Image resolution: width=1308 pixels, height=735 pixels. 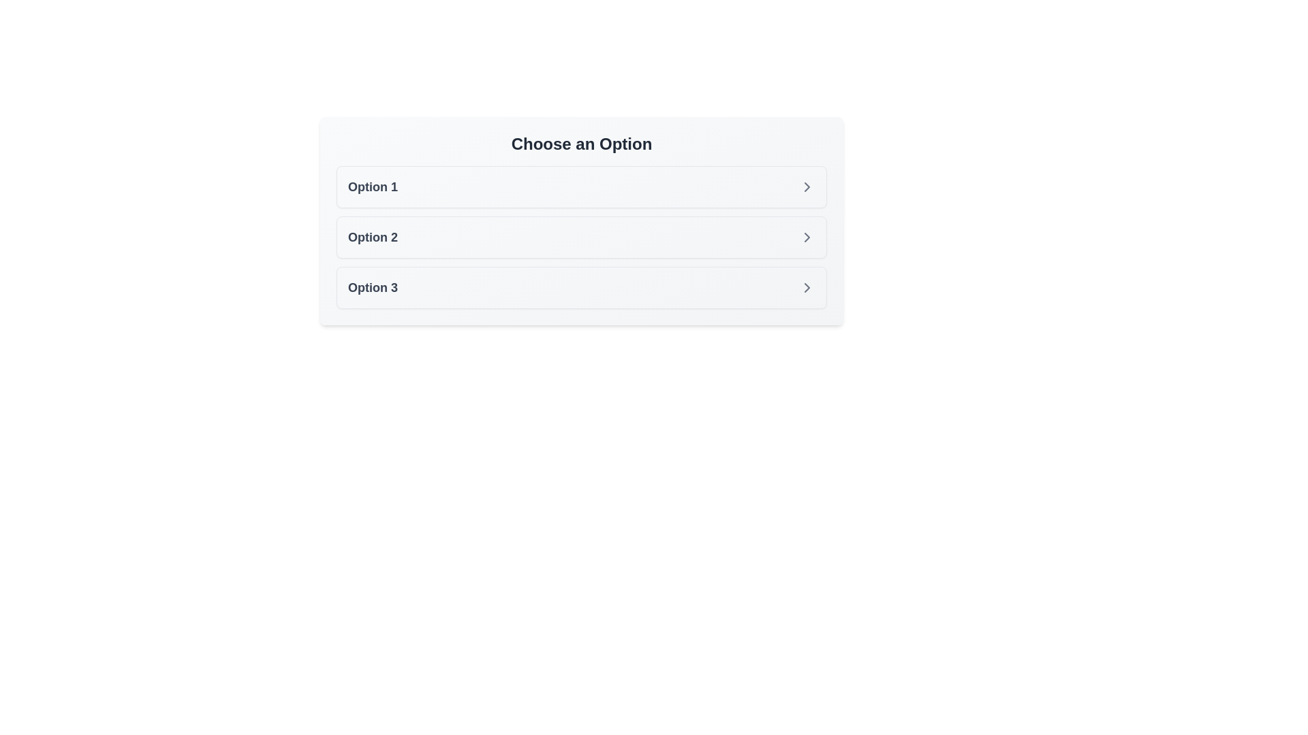 What do you see at coordinates (807, 287) in the screenshot?
I see `the icon located at the rightmost end of the row for 'Option 3'` at bounding box center [807, 287].